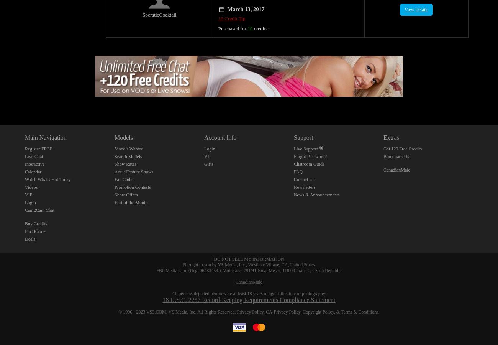 Image resolution: width=498 pixels, height=345 pixels. I want to click on 'Privacy Policy', so click(249, 304).